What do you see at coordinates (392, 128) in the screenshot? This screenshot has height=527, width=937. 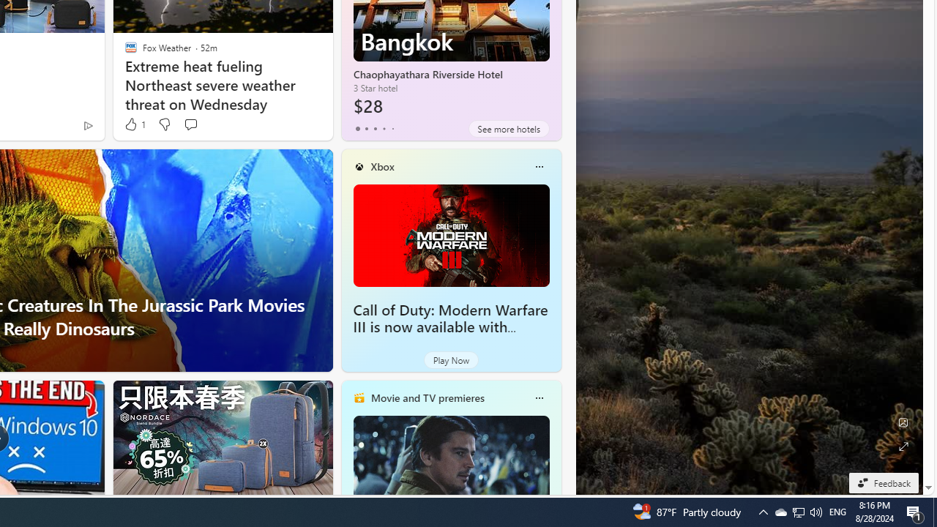 I see `'tab-4'` at bounding box center [392, 128].